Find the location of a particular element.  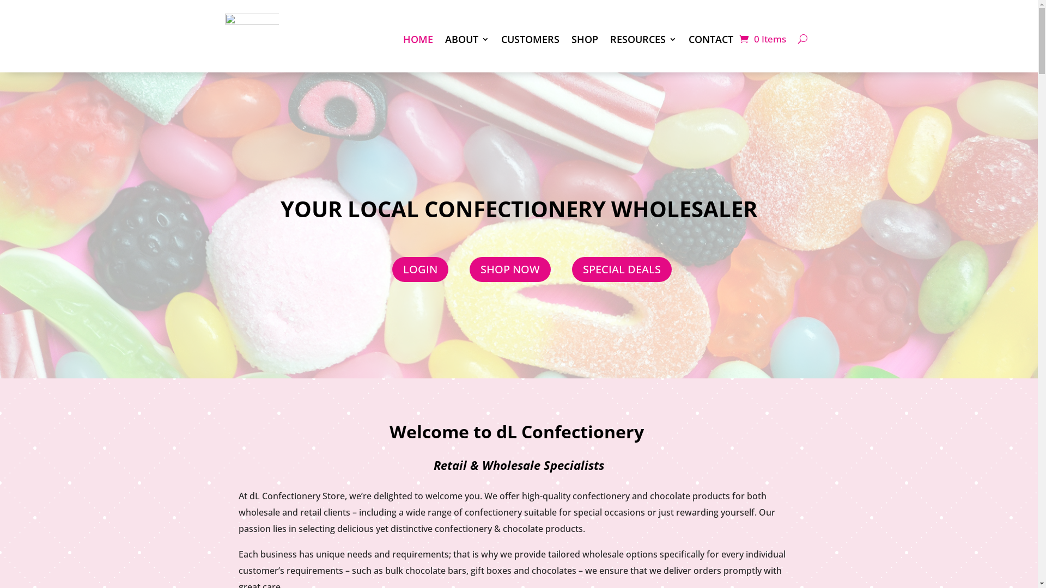

'CONTACT' is located at coordinates (711, 38).